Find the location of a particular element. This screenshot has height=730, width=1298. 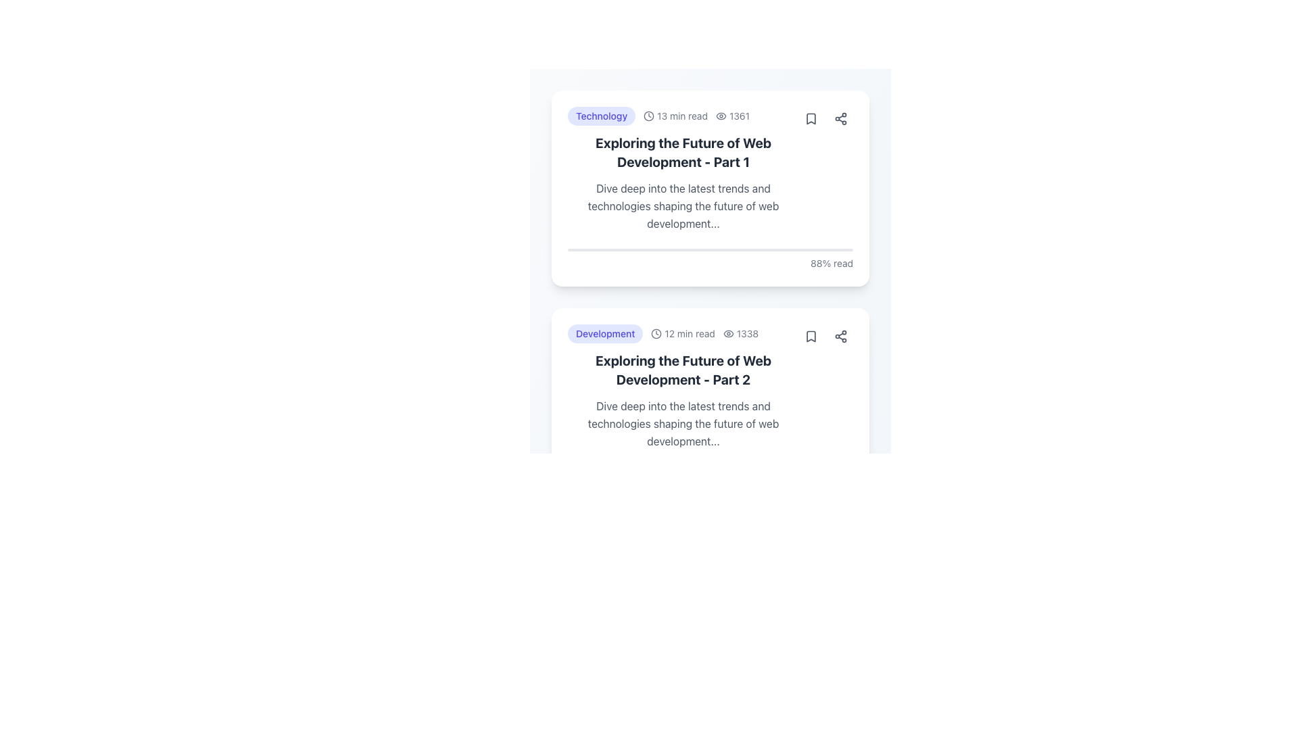

the circular element of the clock icon, which has a border only and is located to the left of time-related textual information is located at coordinates (656, 333).